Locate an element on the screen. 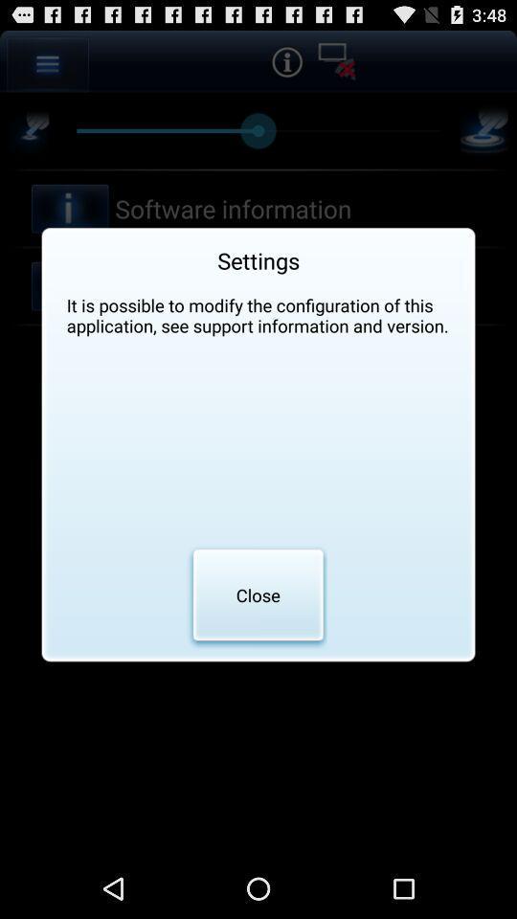 The image size is (517, 919). the info icon is located at coordinates (285, 65).